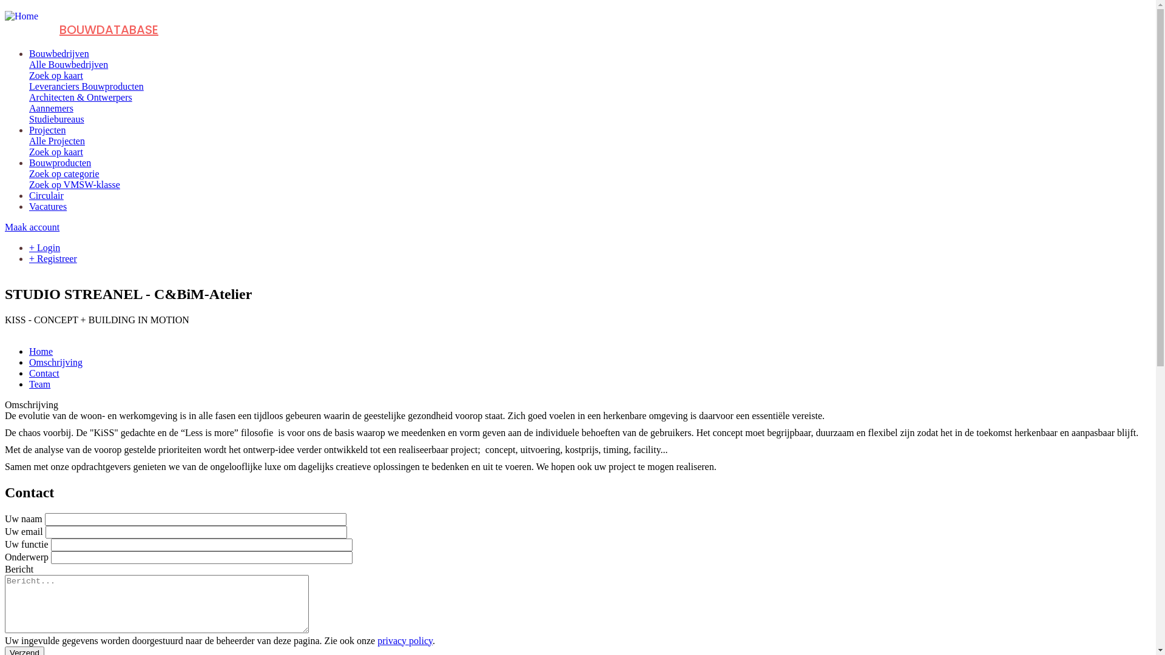  I want to click on 'Home', so click(41, 351).